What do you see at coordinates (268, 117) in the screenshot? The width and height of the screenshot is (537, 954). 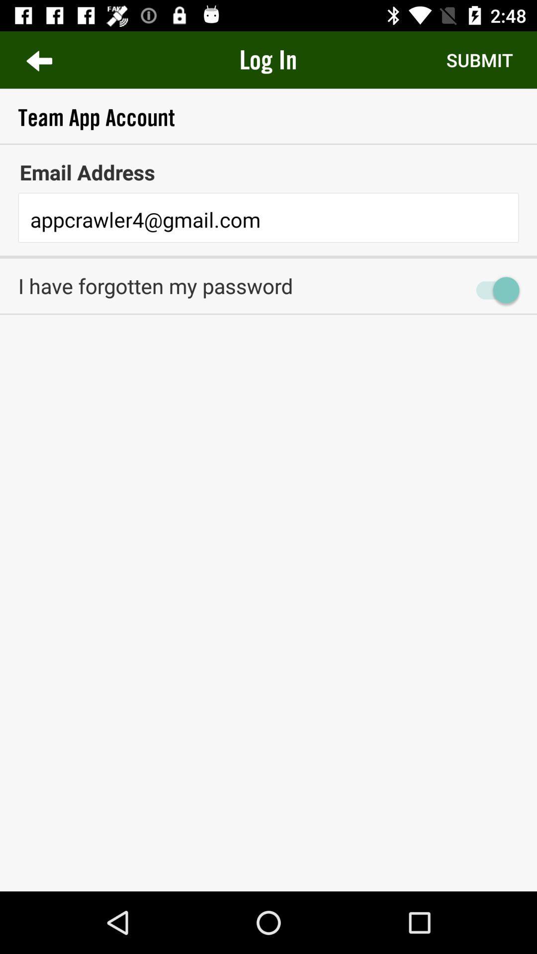 I see `item below the log in icon` at bounding box center [268, 117].